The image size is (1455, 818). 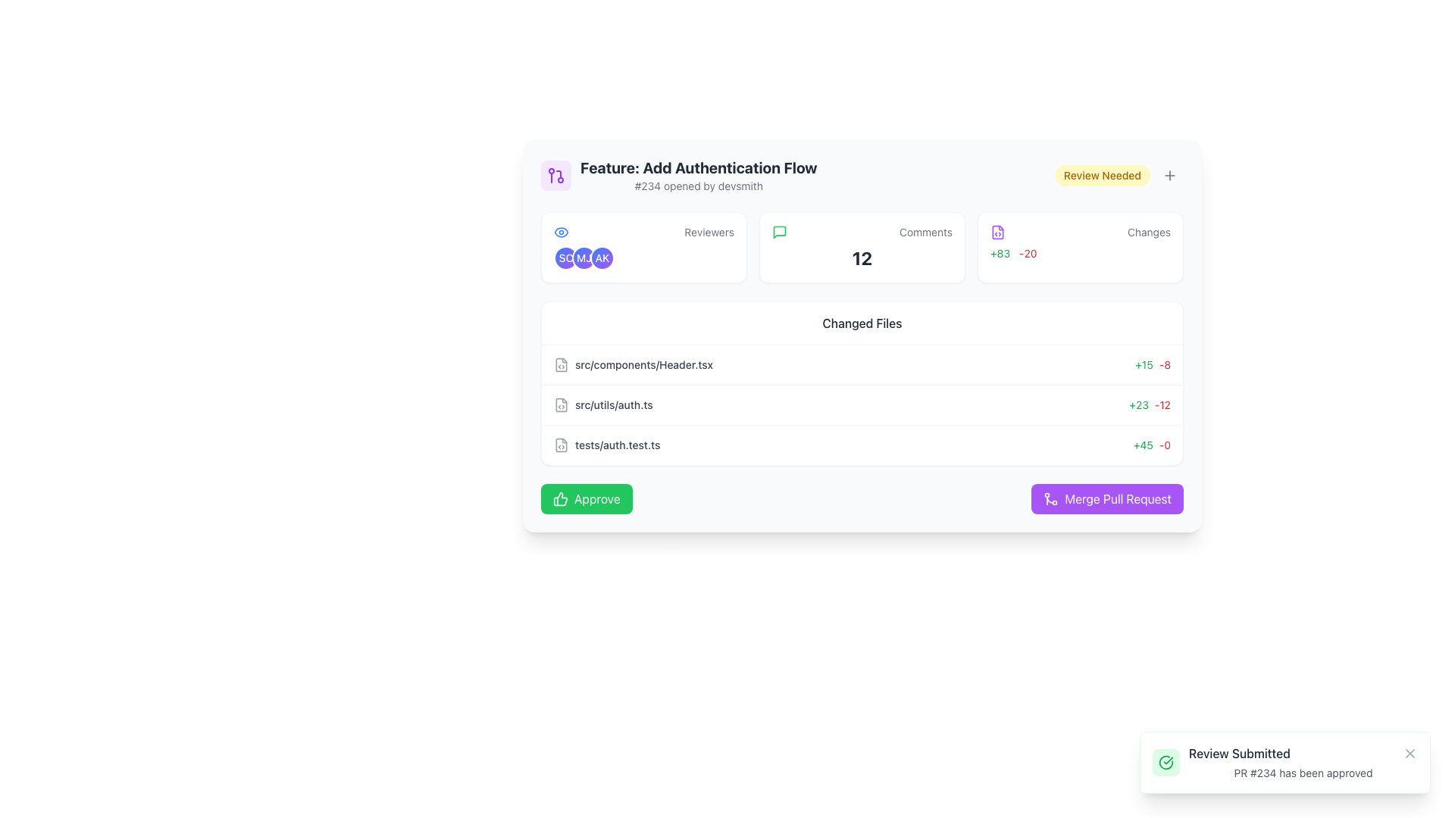 I want to click on the informational box displaying the list of changed files and their change counts, which is centrally located below the 'Comments' and 'Changes' sections and above the 'Approve' and 'Merge Pull Request' buttons, so click(x=862, y=382).